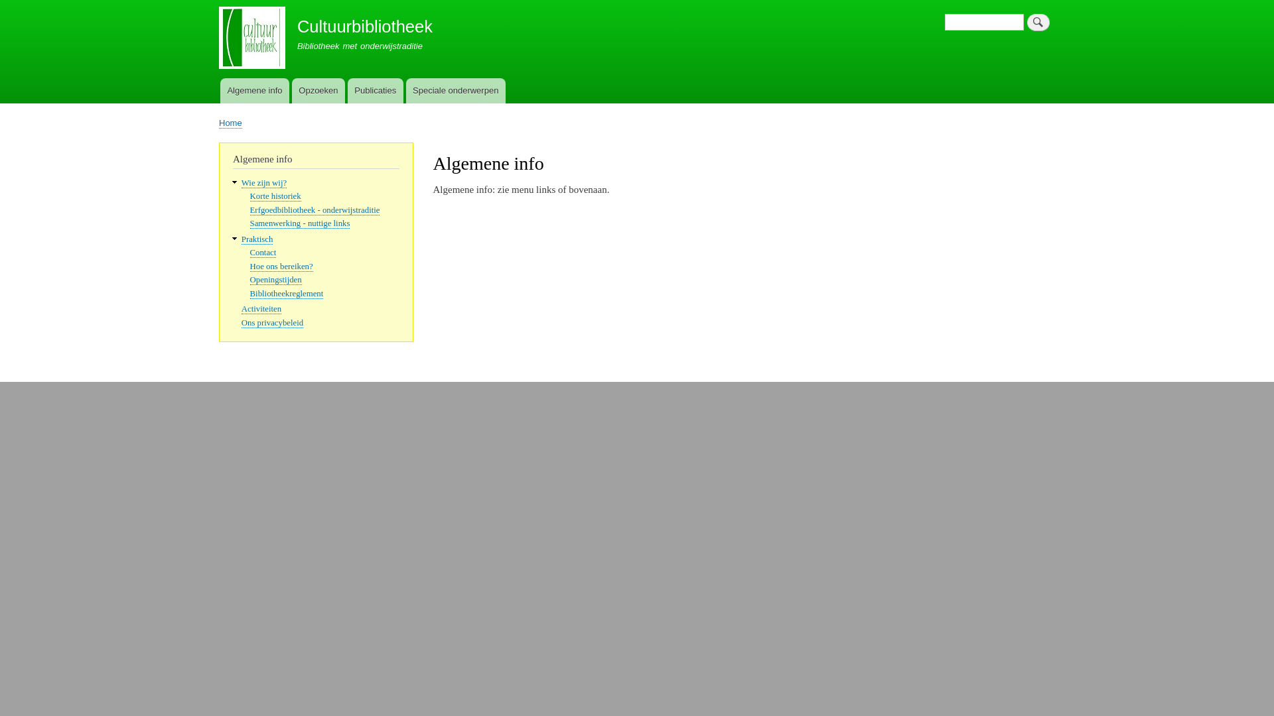  I want to click on 'Openingstijden', so click(275, 279).